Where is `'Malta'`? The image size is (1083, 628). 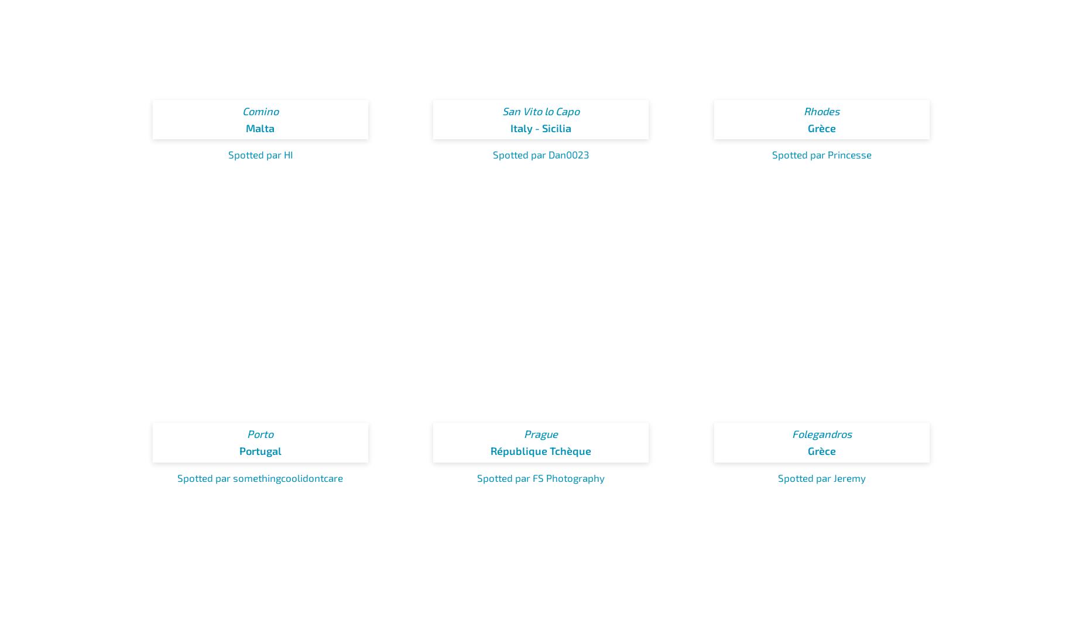 'Malta' is located at coordinates (259, 127).